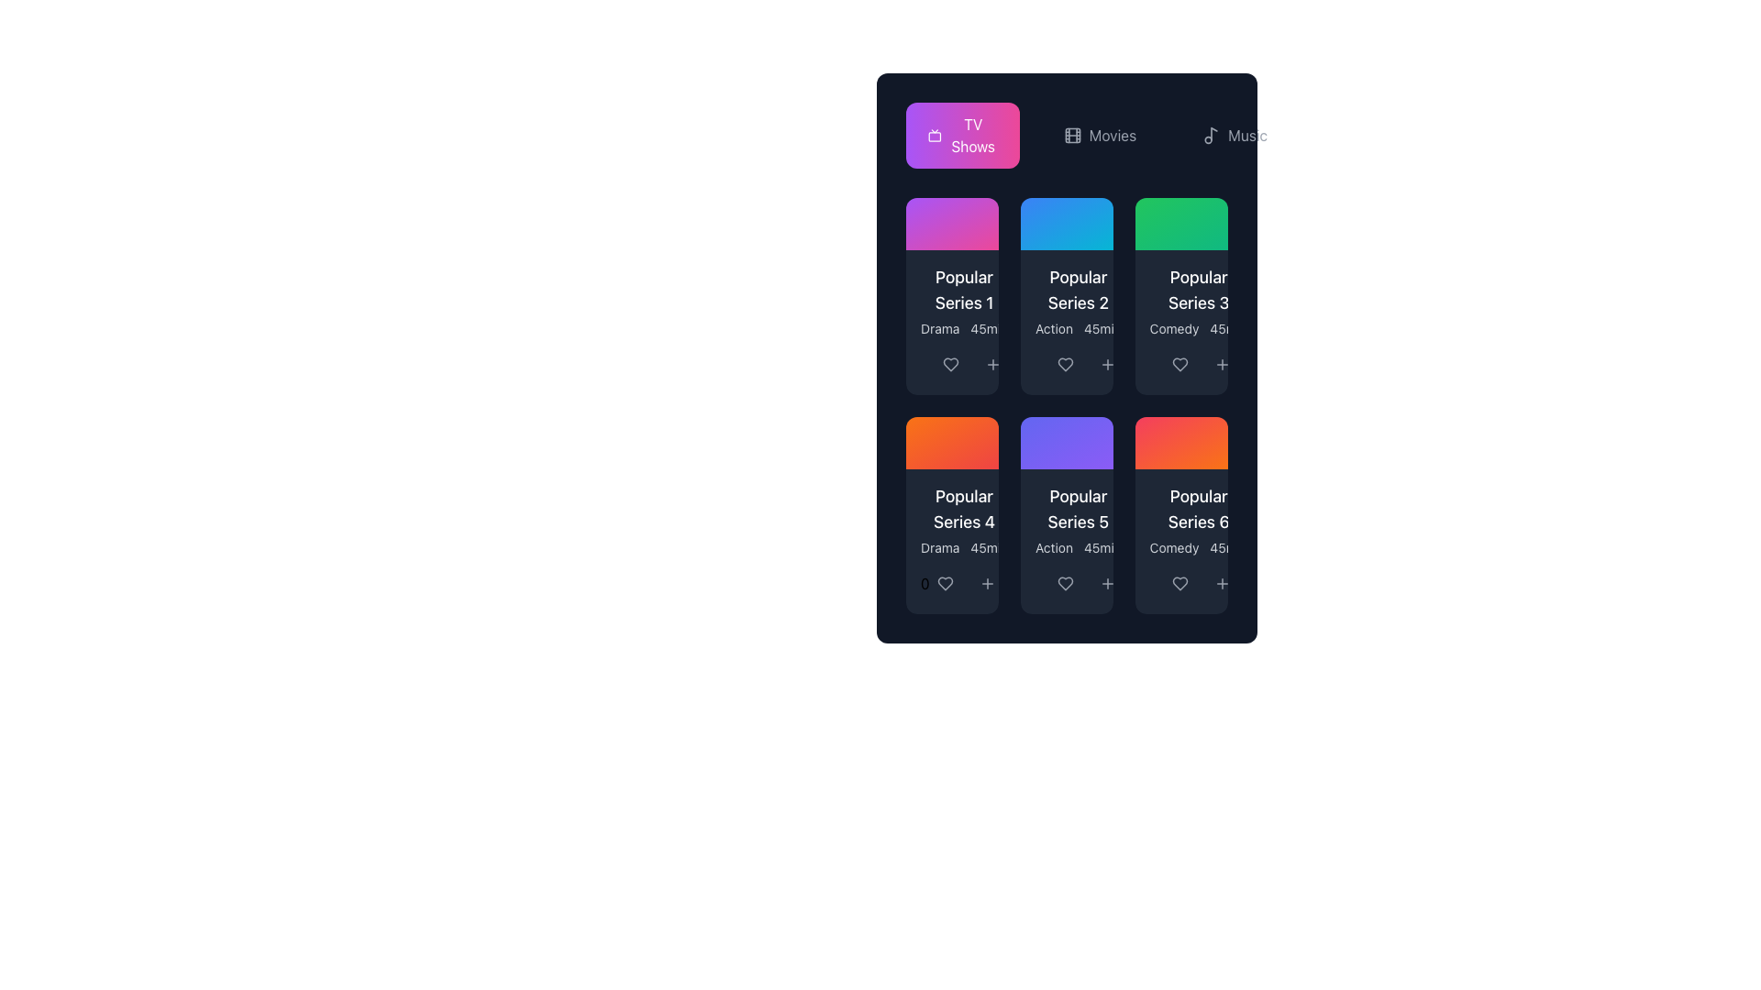 The width and height of the screenshot is (1761, 990). Describe the element at coordinates (1079, 289) in the screenshot. I see `text label 'Popular Series 2' which is styled prominently in white font and located in the second column of a grid layout, beneath a blue header box` at that location.